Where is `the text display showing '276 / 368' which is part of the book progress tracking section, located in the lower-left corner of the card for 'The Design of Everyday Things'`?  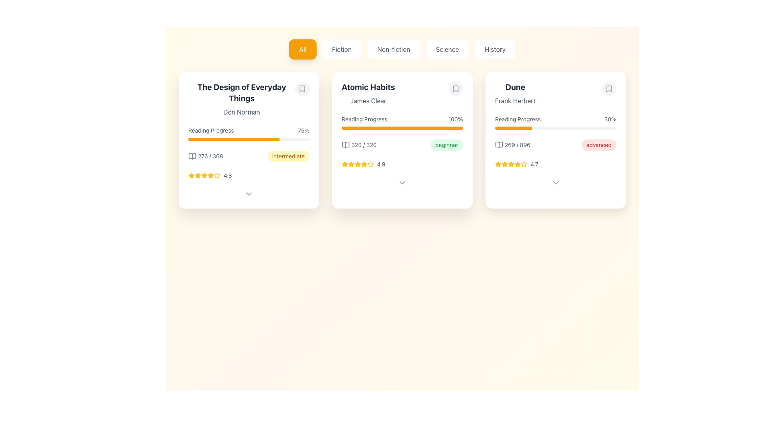 the text display showing '276 / 368' which is part of the book progress tracking section, located in the lower-left corner of the card for 'The Design of Everyday Things' is located at coordinates (210, 156).